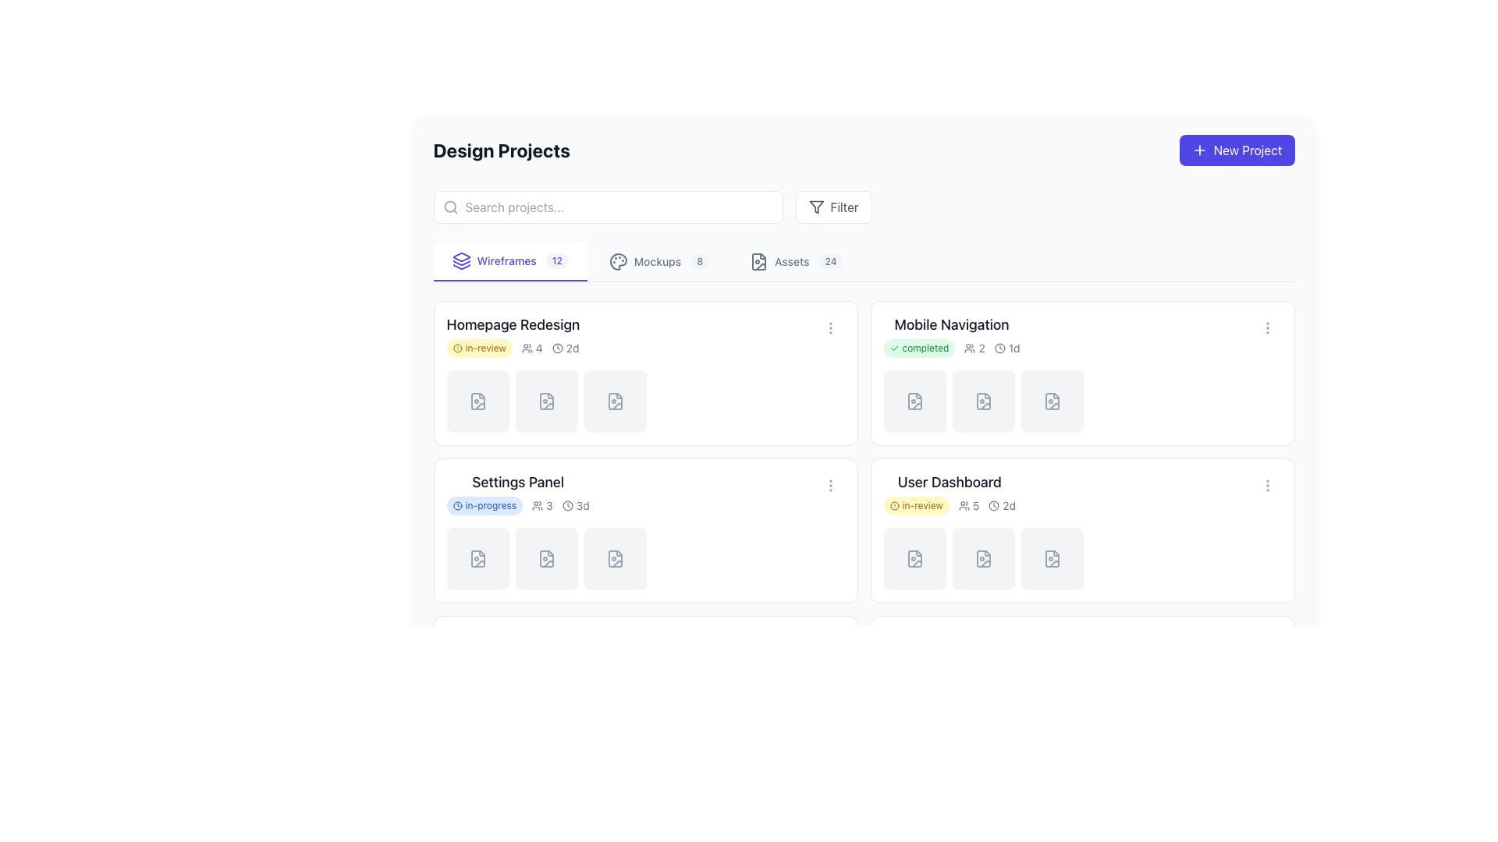  Describe the element at coordinates (982, 401) in the screenshot. I see `the document icon with a small circular element located in the 'Mobile Navigation' section, which is the third icon in the group under the 'Wireframes' tab` at that location.